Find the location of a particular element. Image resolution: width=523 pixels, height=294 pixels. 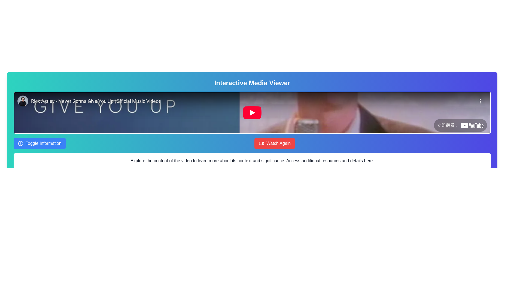

the interactive section containing two buttons, 'Toggle Information' and 'Watch Again' is located at coordinates (252, 143).